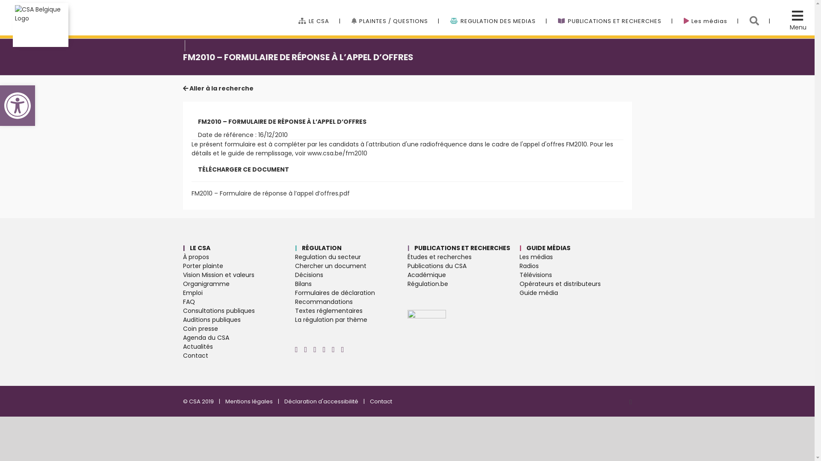 The height and width of the screenshot is (461, 821). Describe the element at coordinates (797, 27) in the screenshot. I see `'Menu'` at that location.